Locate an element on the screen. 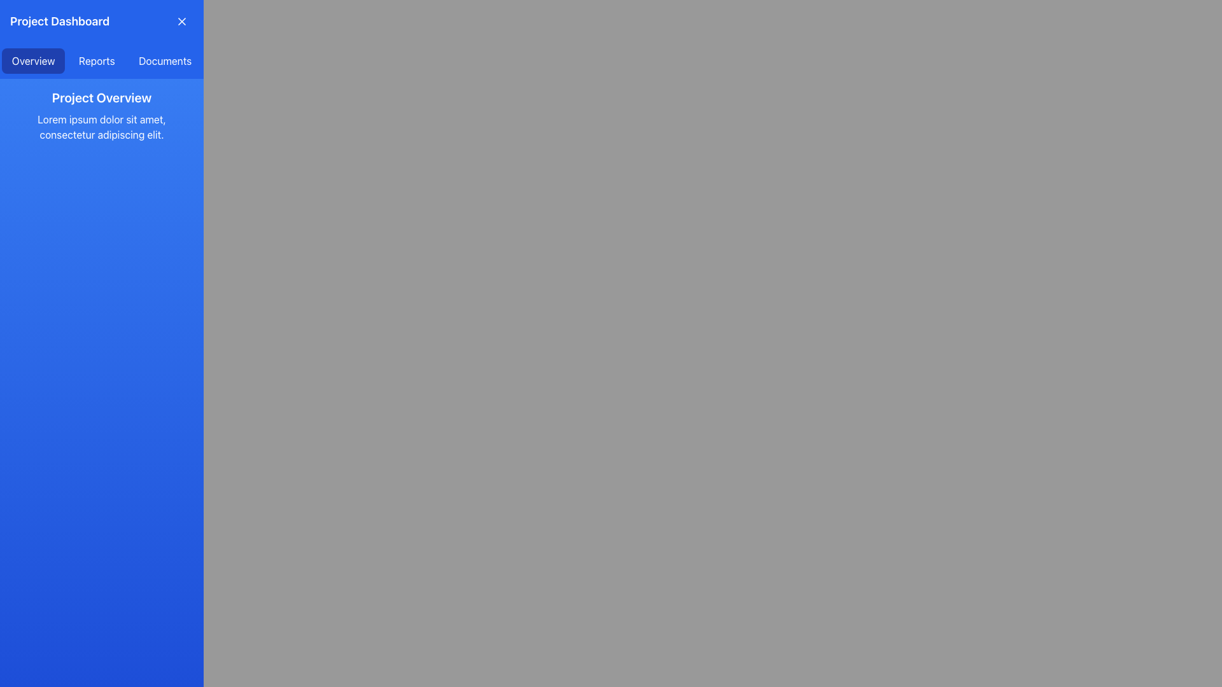  the close button represented by a small 'X' icon in the upper-right corner of the blue sidebar panel is located at coordinates (181, 22).